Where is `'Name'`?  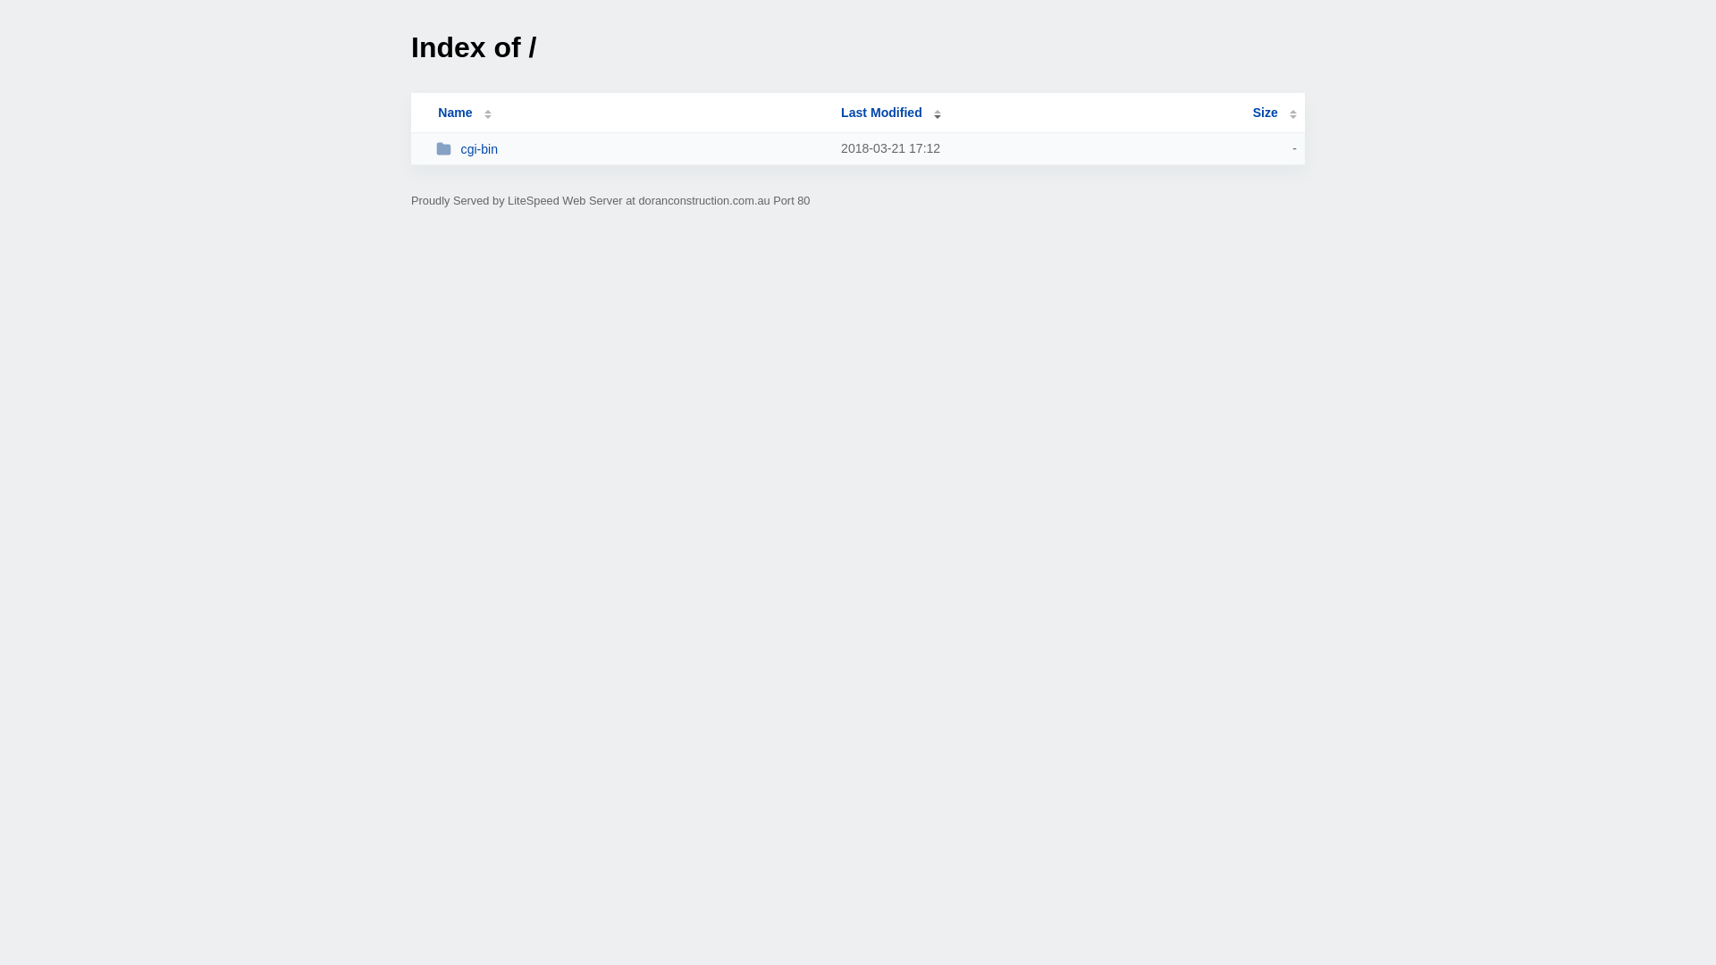
'Name' is located at coordinates (454, 113).